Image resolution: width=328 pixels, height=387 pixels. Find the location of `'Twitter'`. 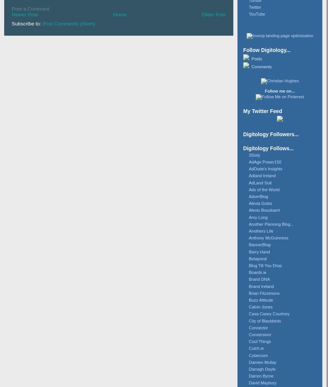

'Twitter' is located at coordinates (248, 6).